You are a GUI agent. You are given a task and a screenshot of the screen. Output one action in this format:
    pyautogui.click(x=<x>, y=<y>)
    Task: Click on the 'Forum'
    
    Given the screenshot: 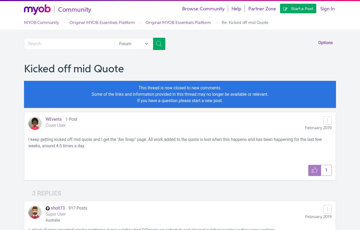 What is the action you would take?
    pyautogui.click(x=125, y=43)
    